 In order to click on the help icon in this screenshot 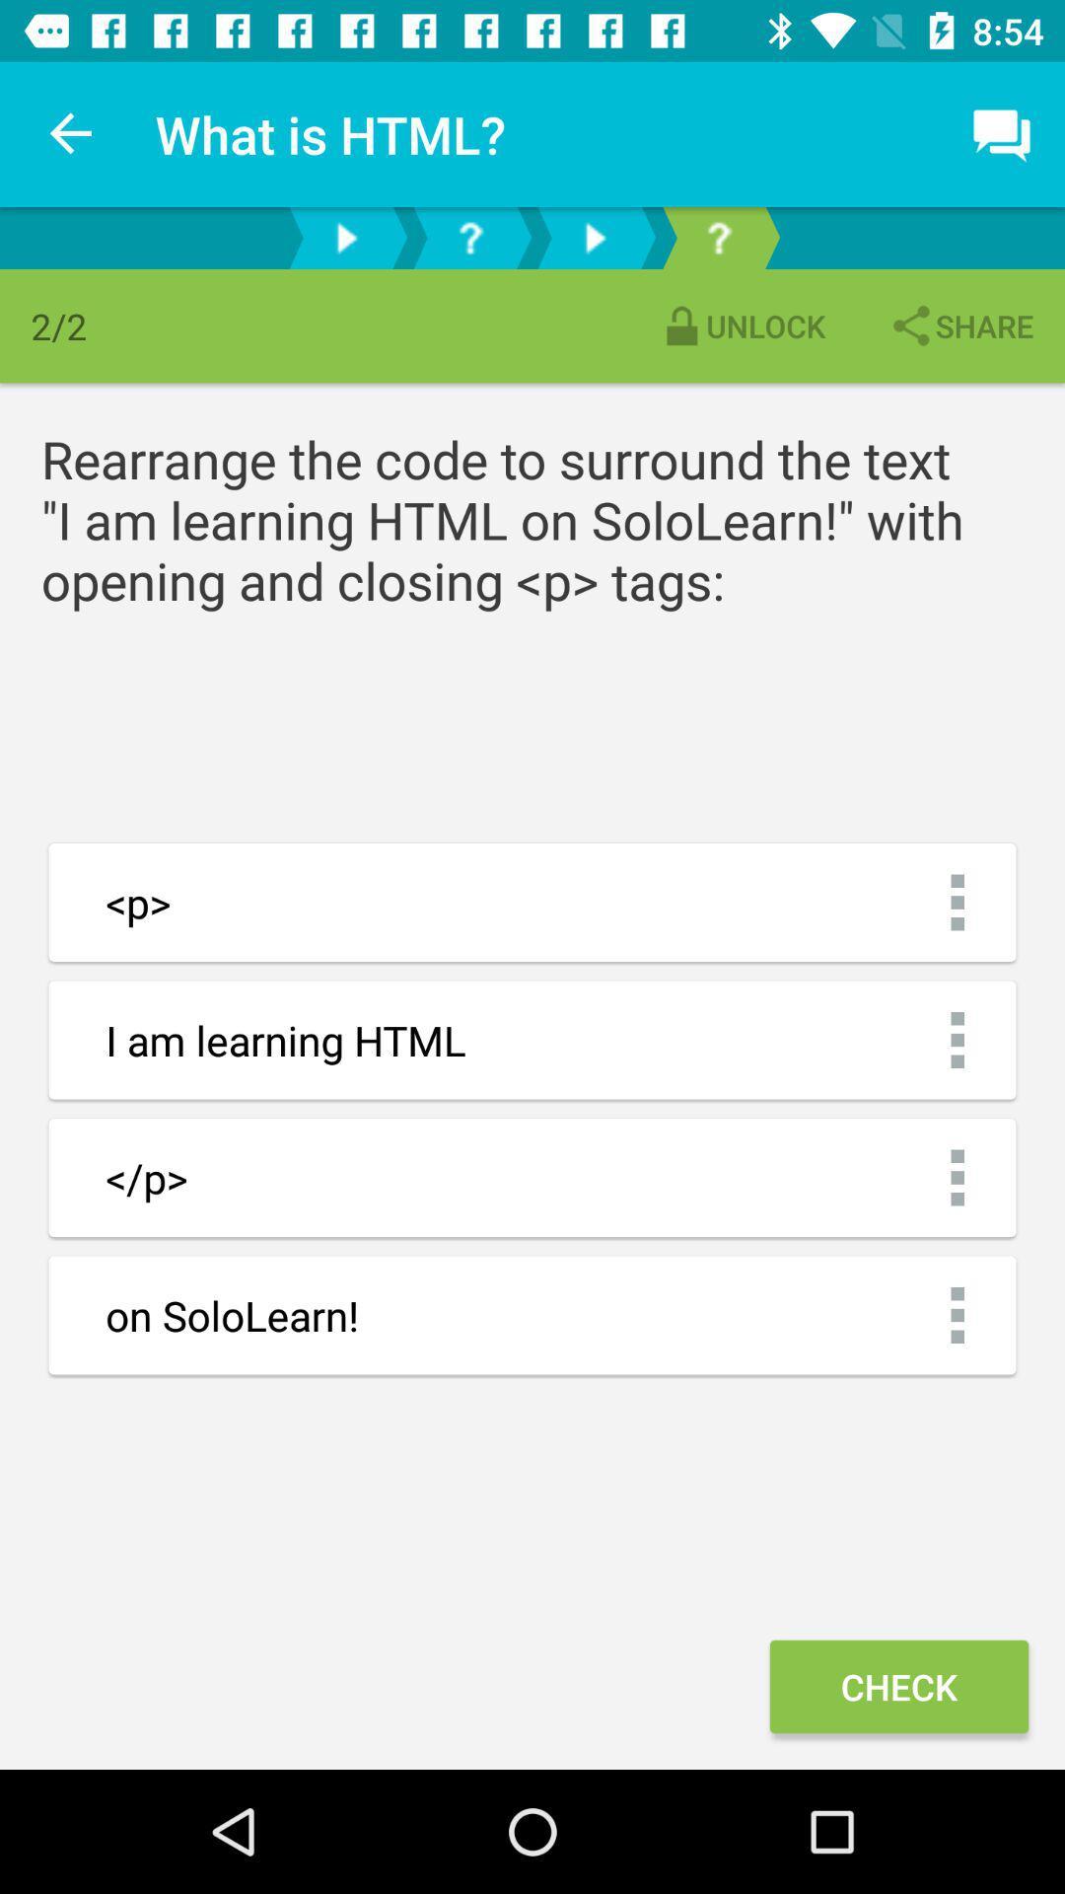, I will do `click(470, 237)`.